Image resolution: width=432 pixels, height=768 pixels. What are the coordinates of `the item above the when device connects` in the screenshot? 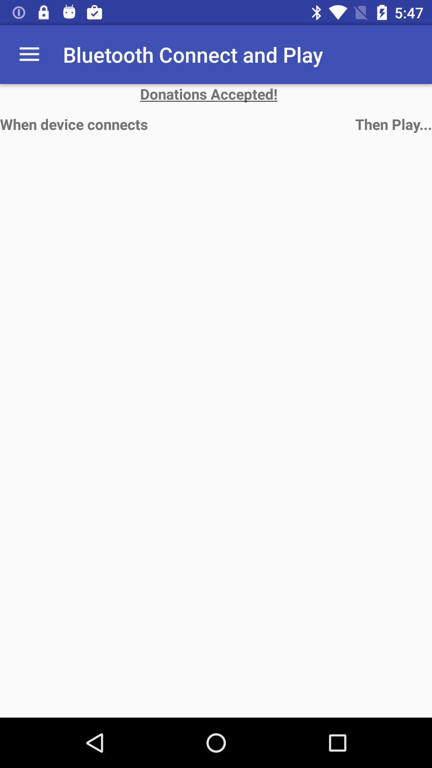 It's located at (29, 54).